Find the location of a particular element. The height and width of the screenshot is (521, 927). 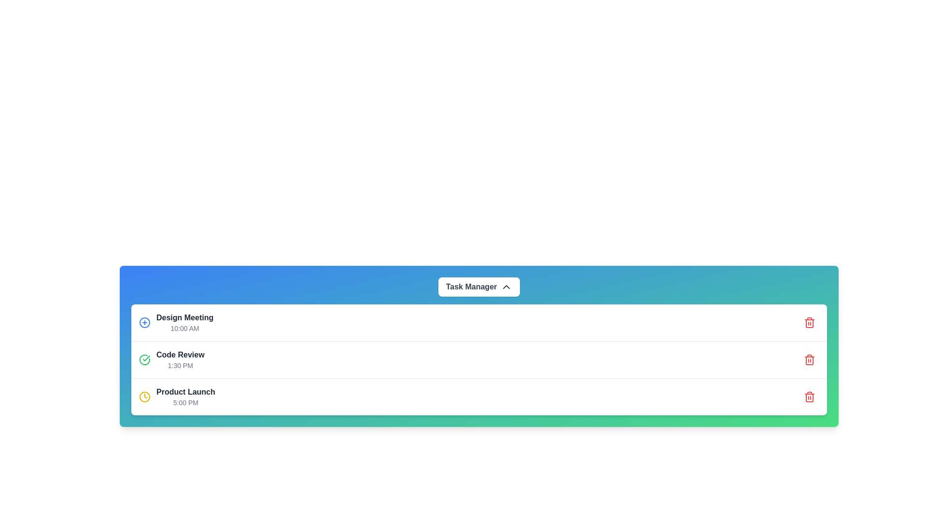

the small upward-facing chevron icon within the 'Task Manager' button is located at coordinates (506, 286).